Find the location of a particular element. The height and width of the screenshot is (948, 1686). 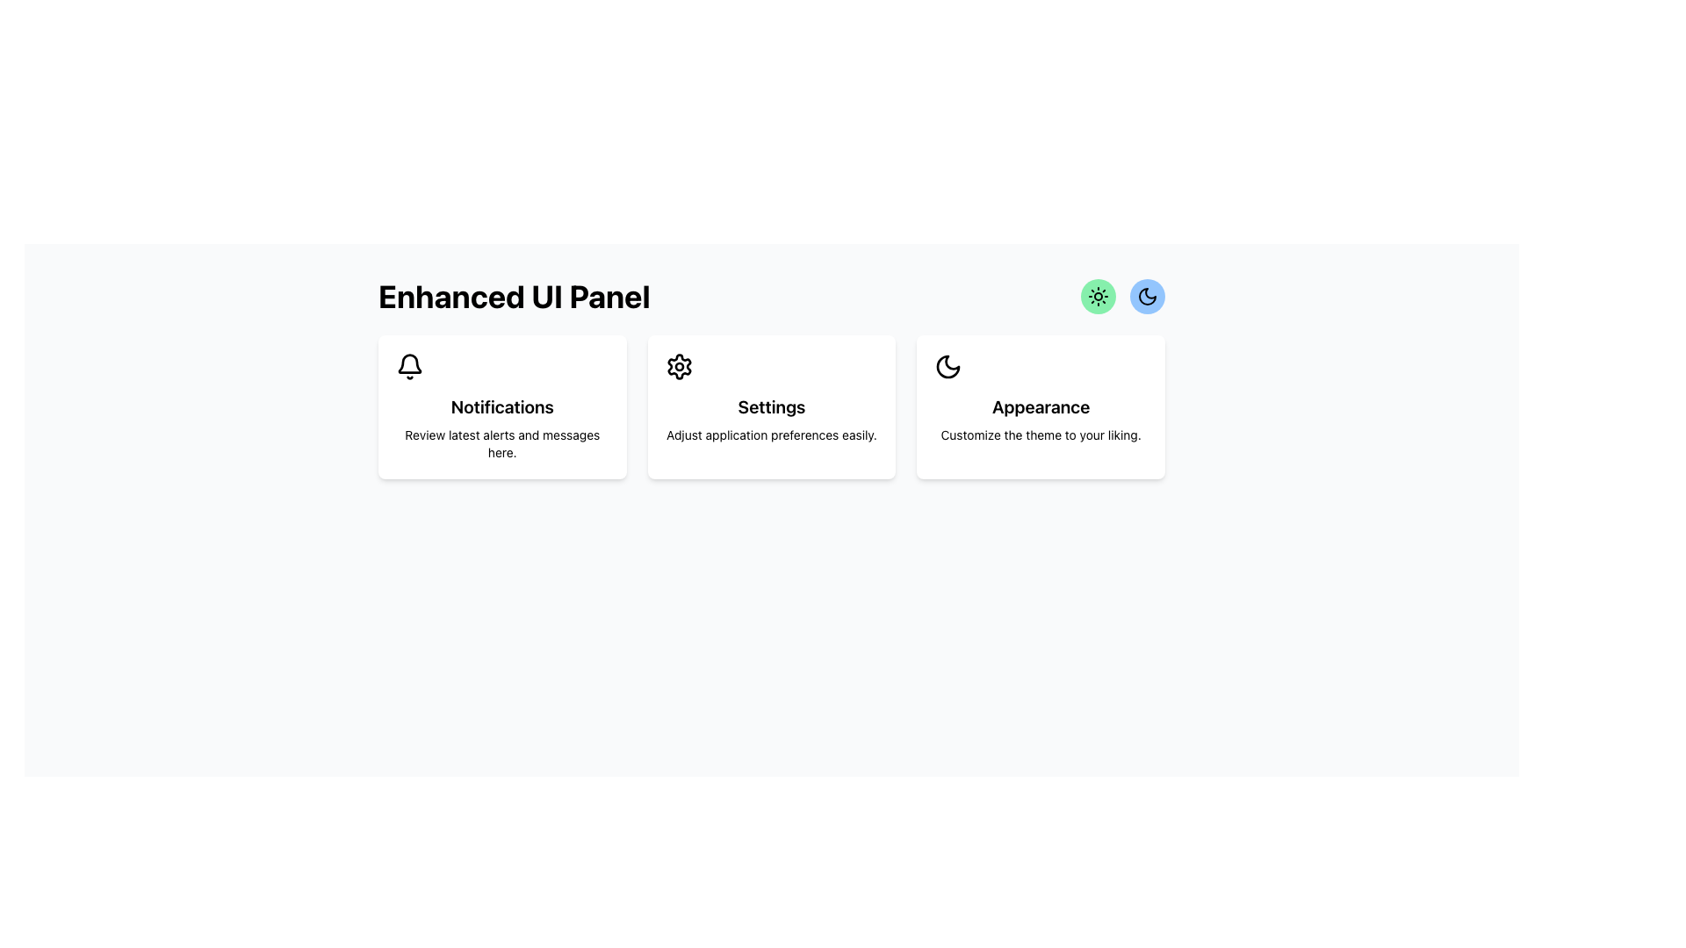

to select or activate the 'Appearance' card, which features a crescent moon icon, a bold title 'Appearance,' and a subtitle 'Customize the theme to your liking.' It is the third card in a grid layout of three cards, located at the far-right of the row is located at coordinates (1041, 406).